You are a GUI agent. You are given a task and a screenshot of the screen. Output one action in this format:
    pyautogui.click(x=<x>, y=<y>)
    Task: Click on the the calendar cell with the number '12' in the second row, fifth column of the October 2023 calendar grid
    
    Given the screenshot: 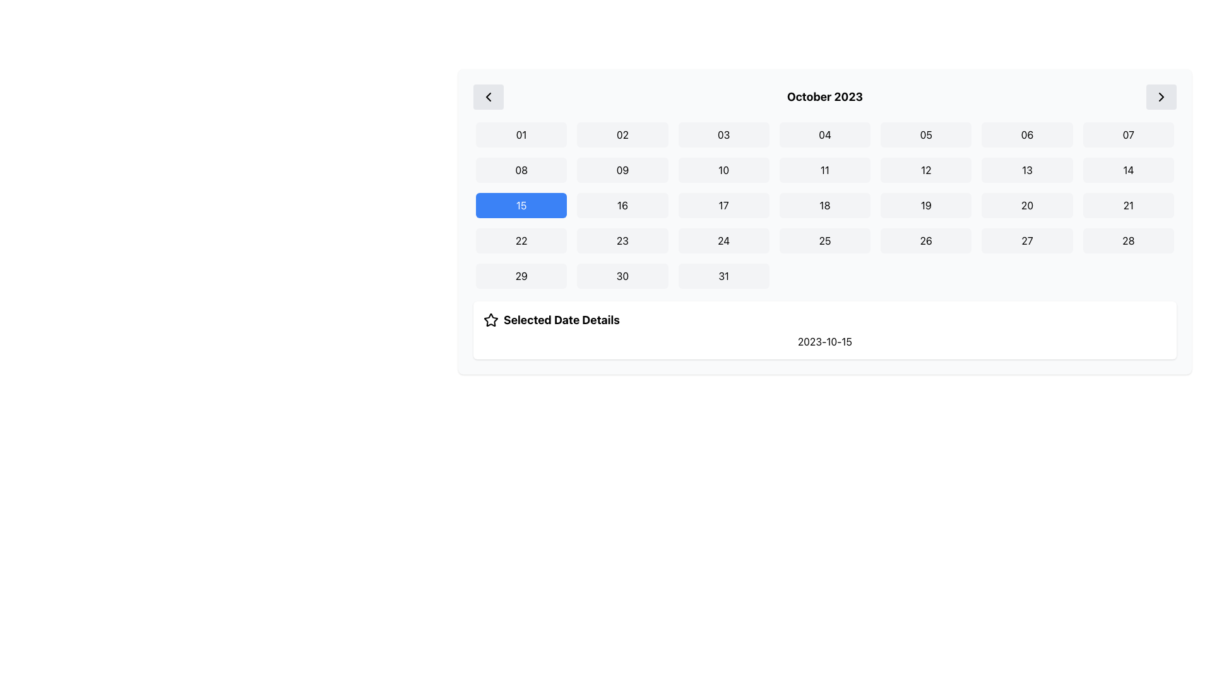 What is the action you would take?
    pyautogui.click(x=926, y=170)
    